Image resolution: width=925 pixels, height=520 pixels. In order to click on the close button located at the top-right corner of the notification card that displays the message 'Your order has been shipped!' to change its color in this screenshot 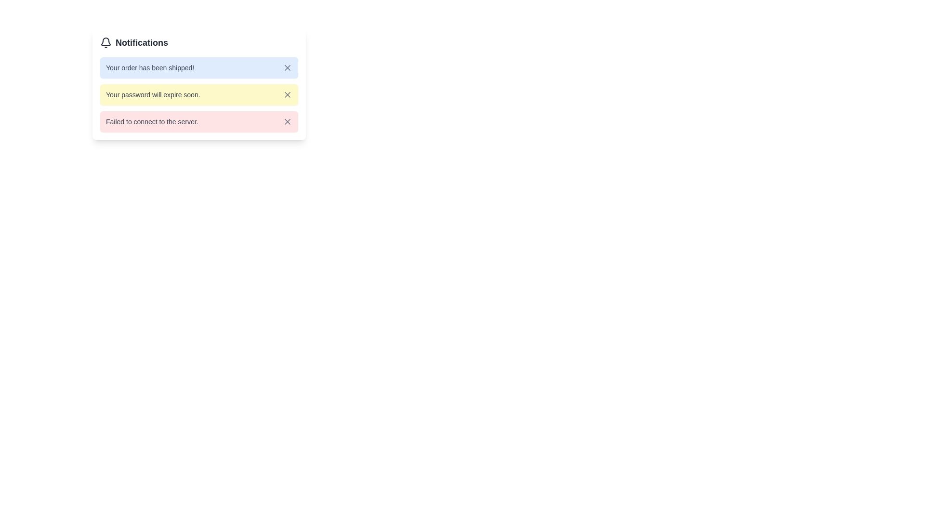, I will do `click(287, 67)`.